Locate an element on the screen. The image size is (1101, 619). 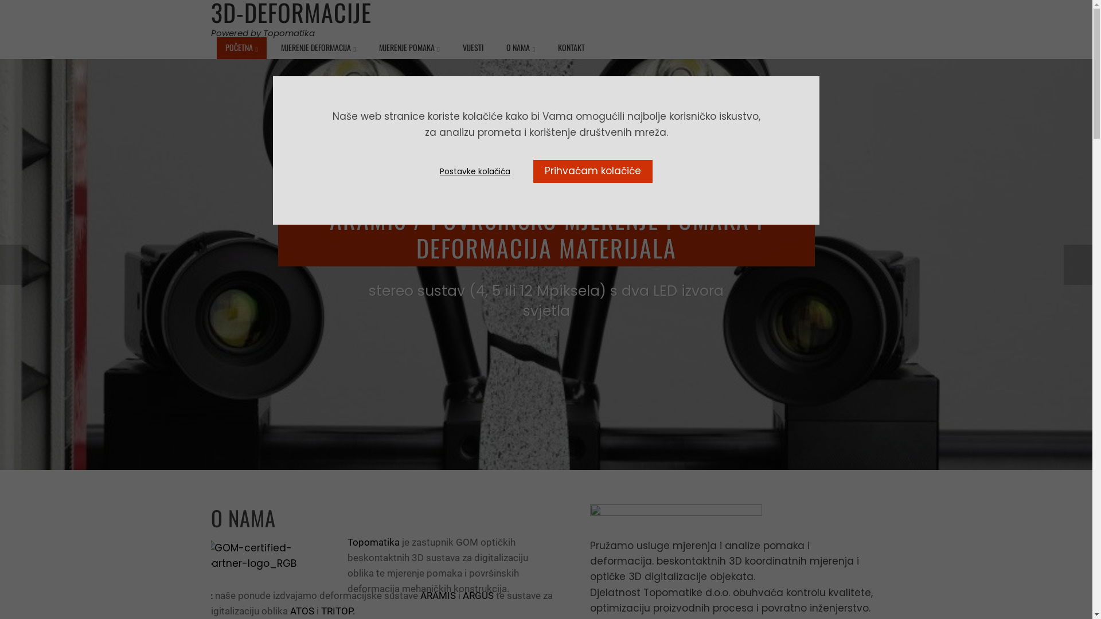
'MJERENJE DEFORMACIJA' is located at coordinates (318, 48).